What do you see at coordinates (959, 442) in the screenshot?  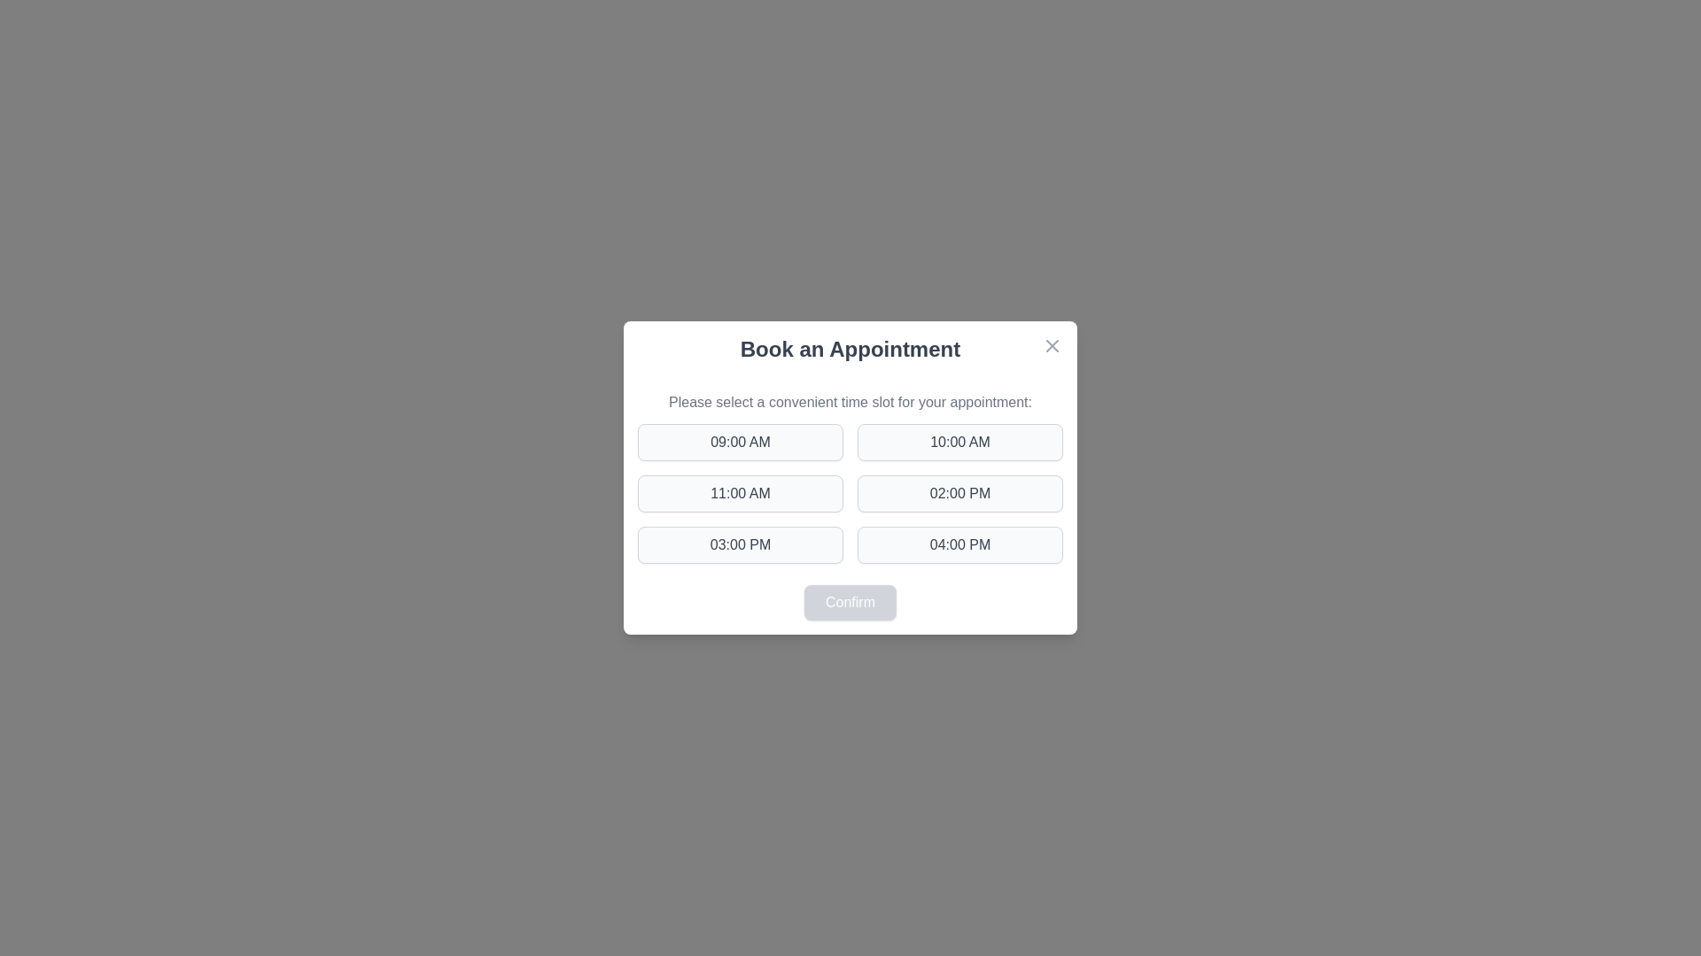 I see `the time slot button labeled 10:00 AM` at bounding box center [959, 442].